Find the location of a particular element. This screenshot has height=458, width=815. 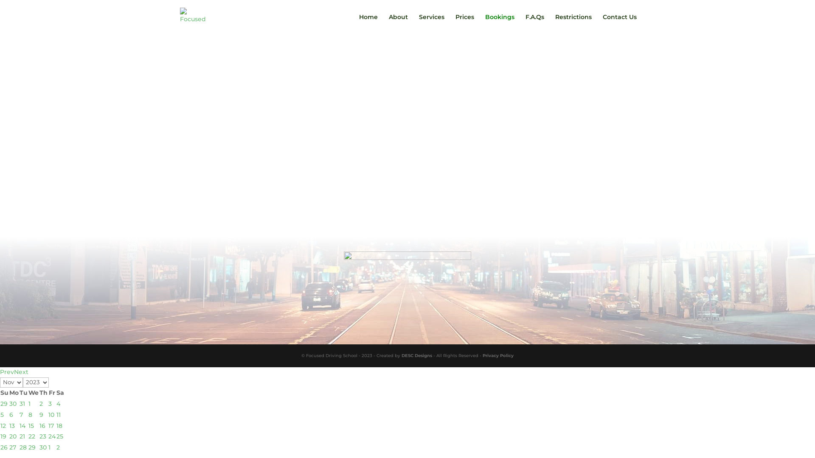

'Restrictions' is located at coordinates (573, 23).